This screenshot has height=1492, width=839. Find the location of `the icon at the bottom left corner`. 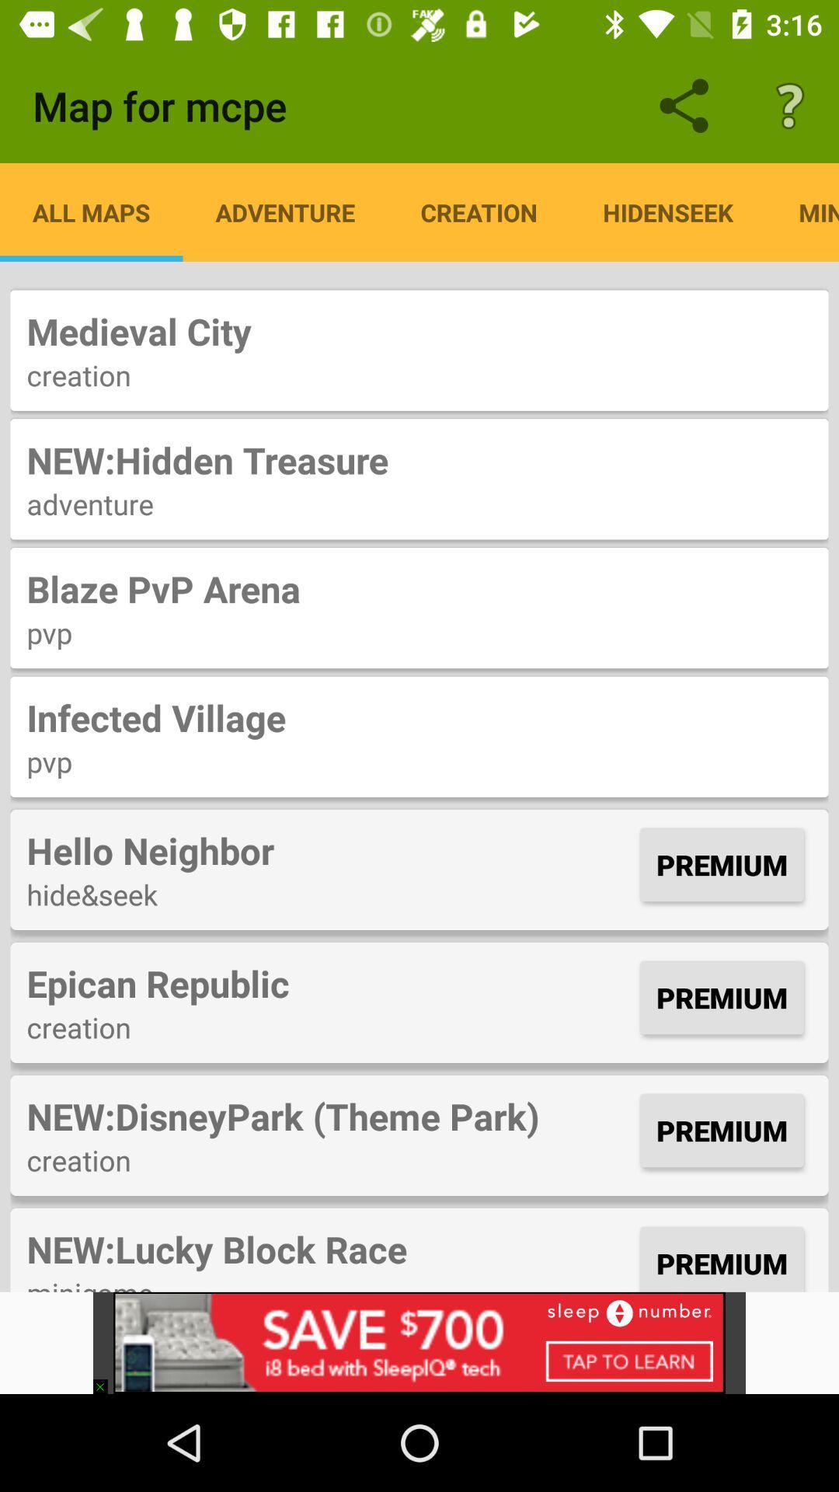

the icon at the bottom left corner is located at coordinates (106, 1379).